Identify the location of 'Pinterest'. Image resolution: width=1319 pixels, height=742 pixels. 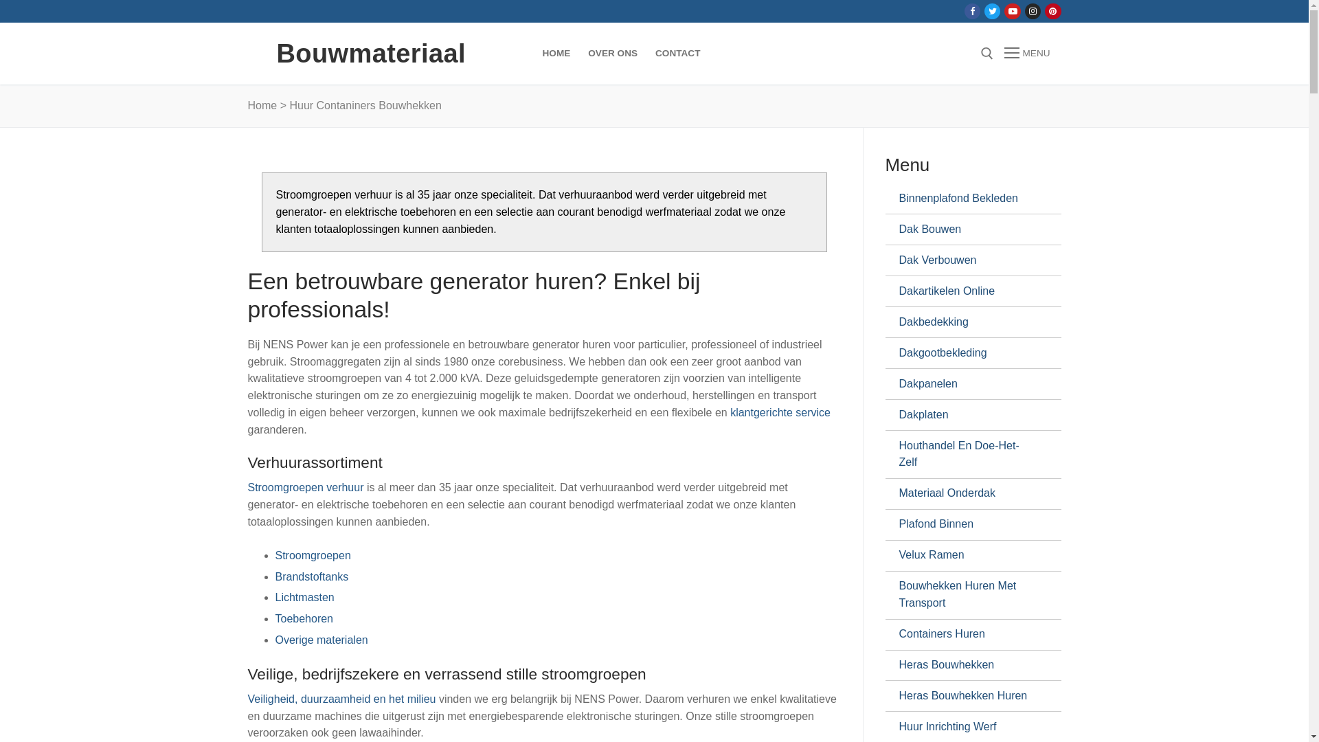
(1052, 11).